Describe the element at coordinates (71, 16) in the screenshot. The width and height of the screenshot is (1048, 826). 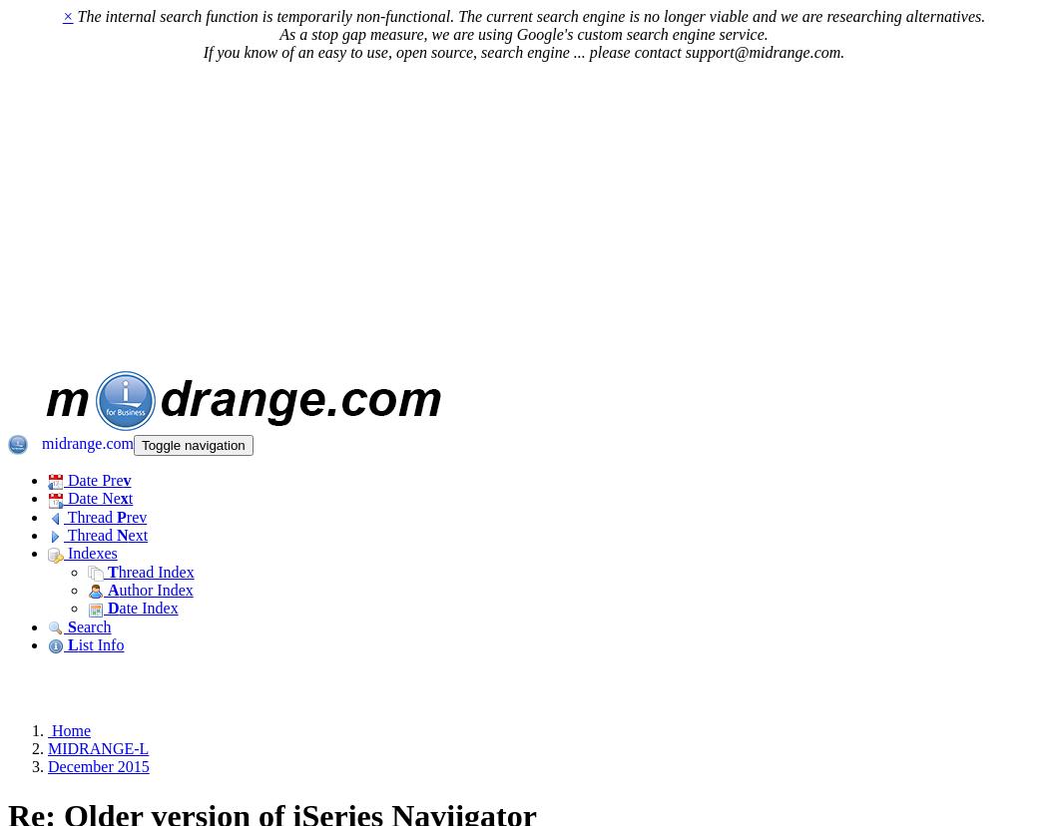
I see `'The internal search function is temporarily non-functional. The current search engine is no longer viable and we are researching alternatives.'` at that location.